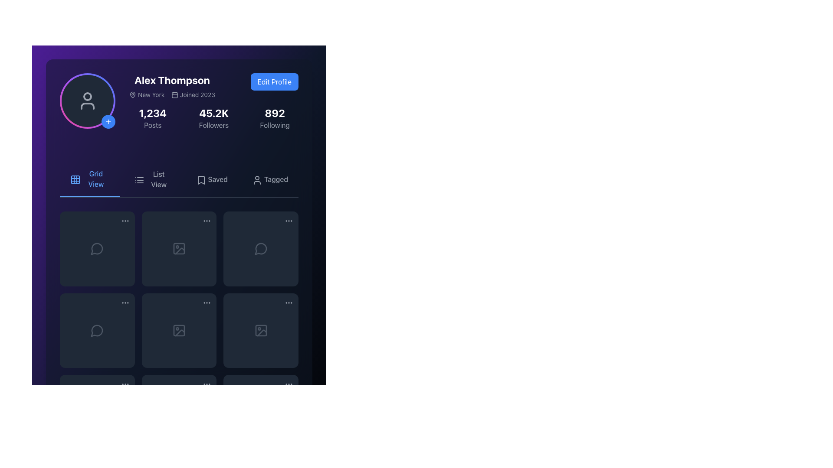 This screenshot has height=468, width=833. Describe the element at coordinates (132, 94) in the screenshot. I see `the location icon positioned directly to the left of the text 'New York' in the header section of the interface` at that location.